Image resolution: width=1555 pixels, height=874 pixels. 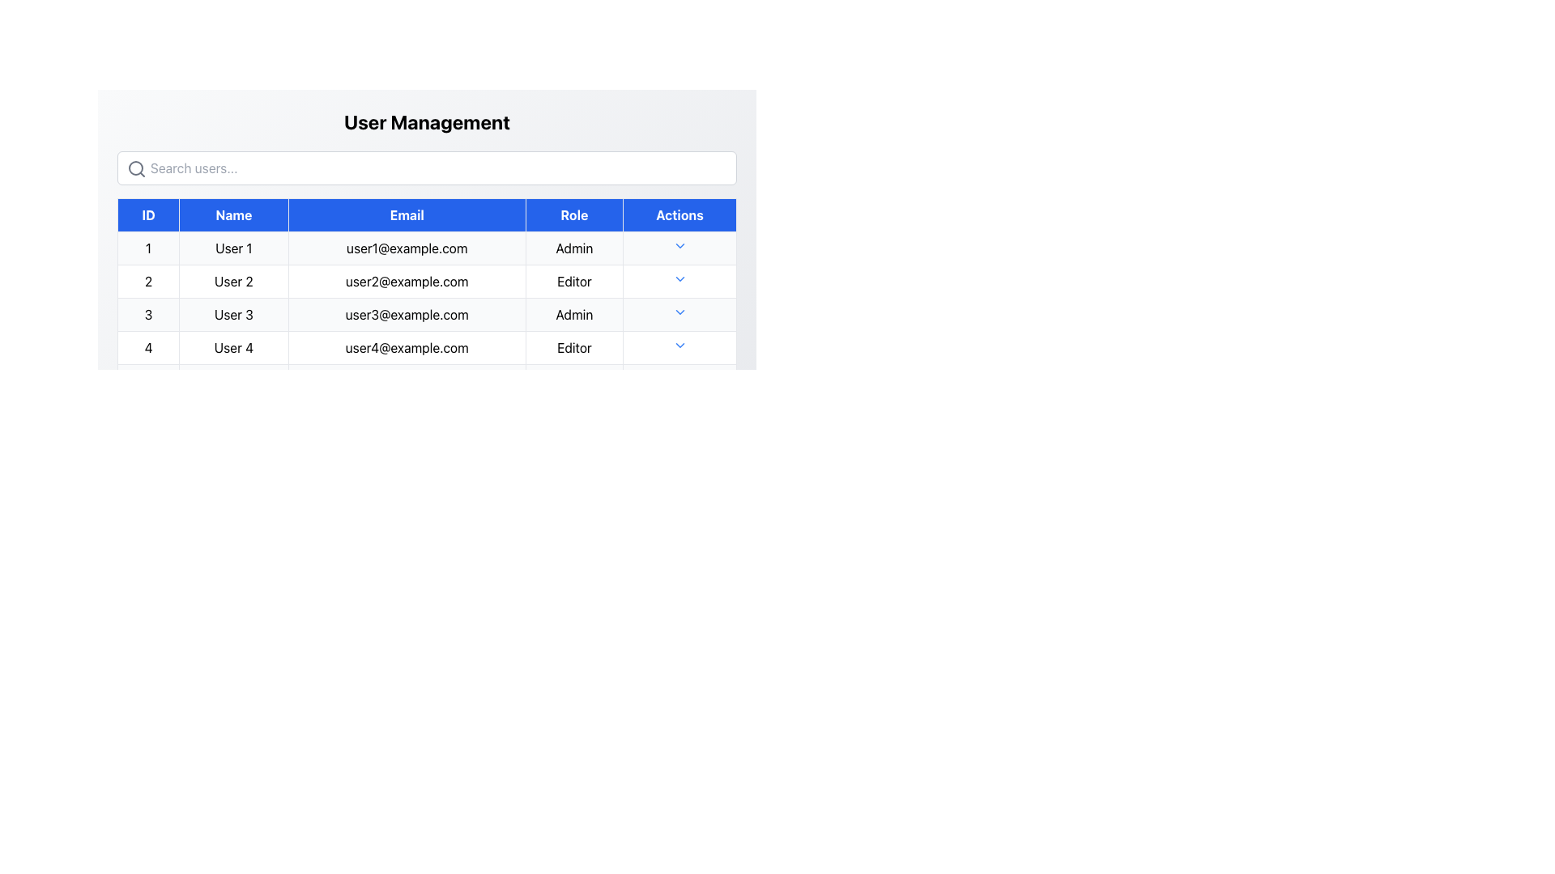 I want to click on the Table Header Cell for the 'ID' column, which is located in the top-left corner of the header row adjacent to the 'Name' header, so click(x=148, y=214).